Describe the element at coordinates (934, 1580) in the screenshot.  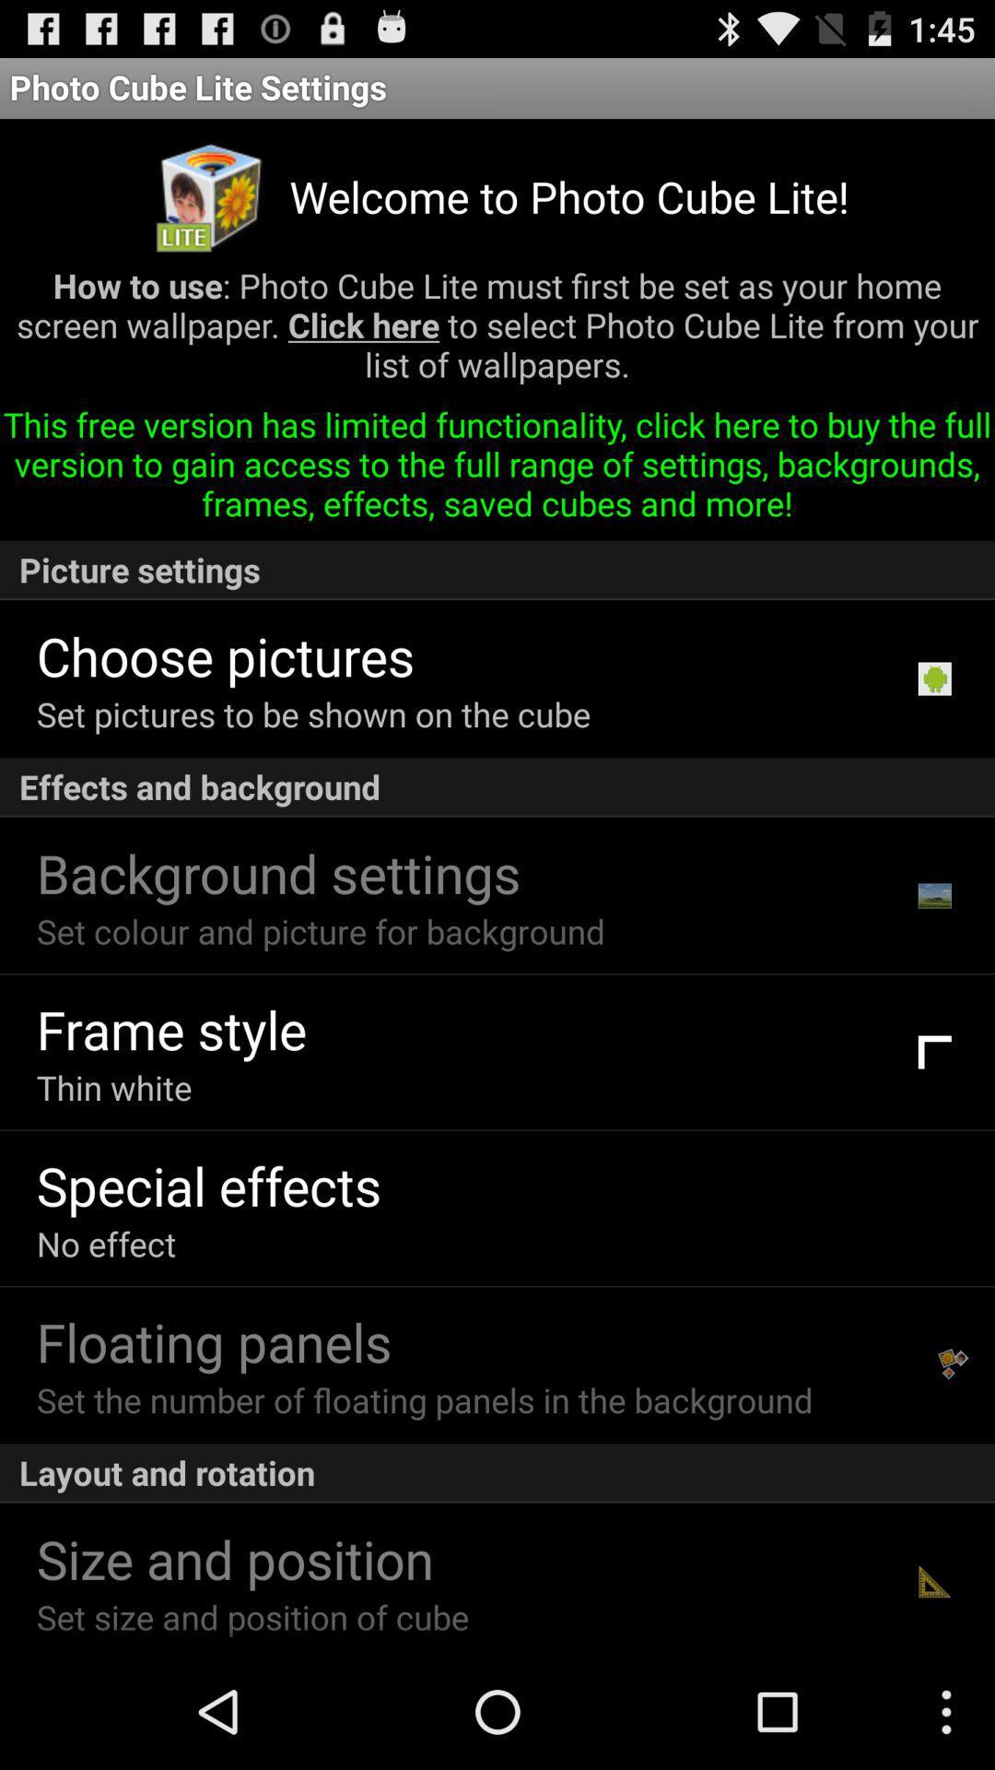
I see `item to the right of set size and` at that location.